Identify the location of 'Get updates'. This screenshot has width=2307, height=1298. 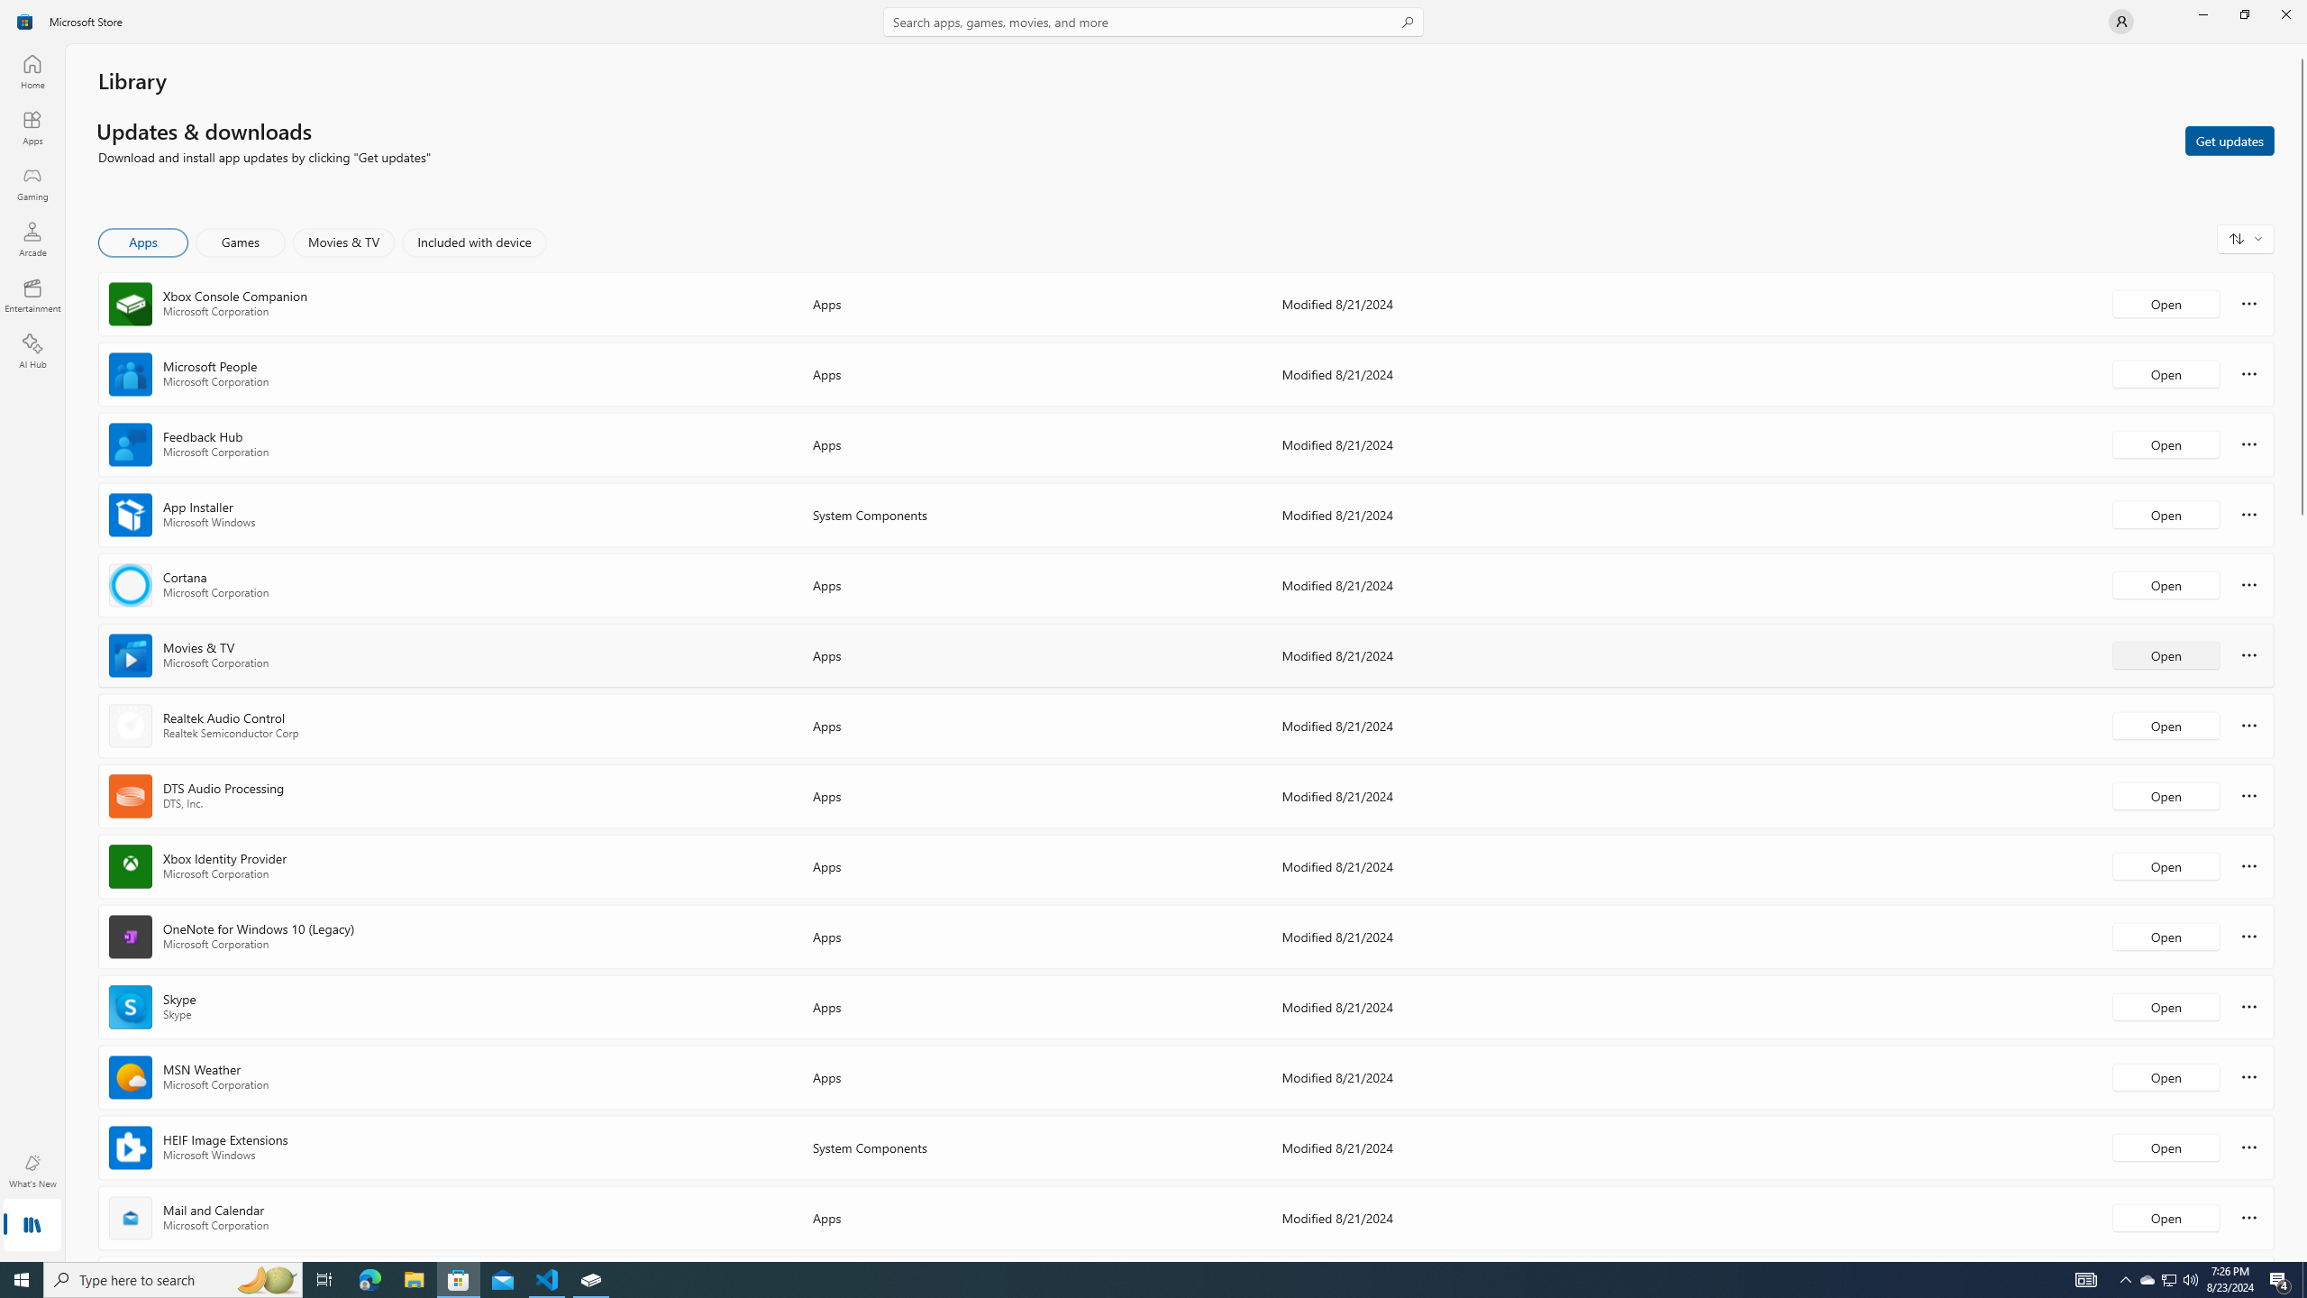
(2229, 139).